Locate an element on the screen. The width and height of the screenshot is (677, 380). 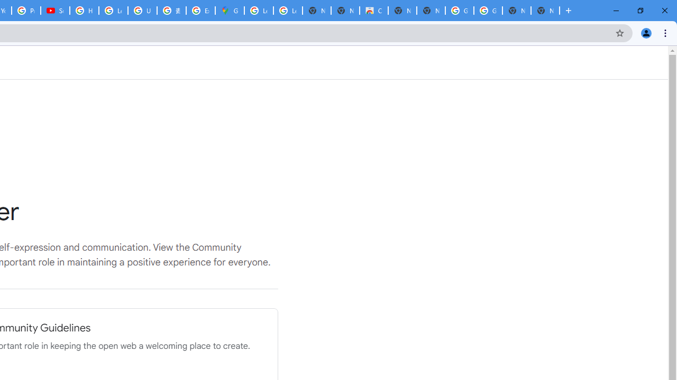
'How Chrome protects your passwords - Google Chrome Help' is located at coordinates (84, 11).